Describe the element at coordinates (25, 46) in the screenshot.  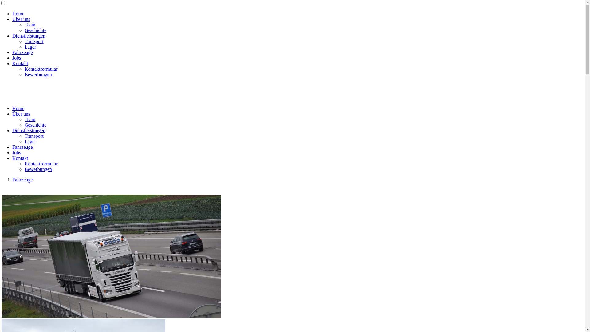
I see `'Lager'` at that location.